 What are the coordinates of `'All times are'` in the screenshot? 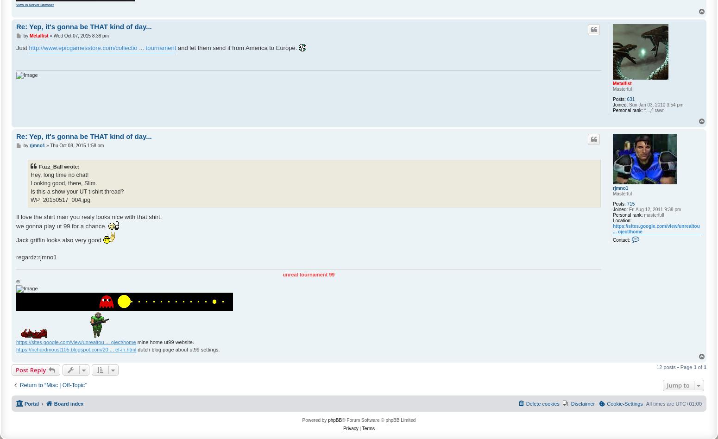 It's located at (660, 403).